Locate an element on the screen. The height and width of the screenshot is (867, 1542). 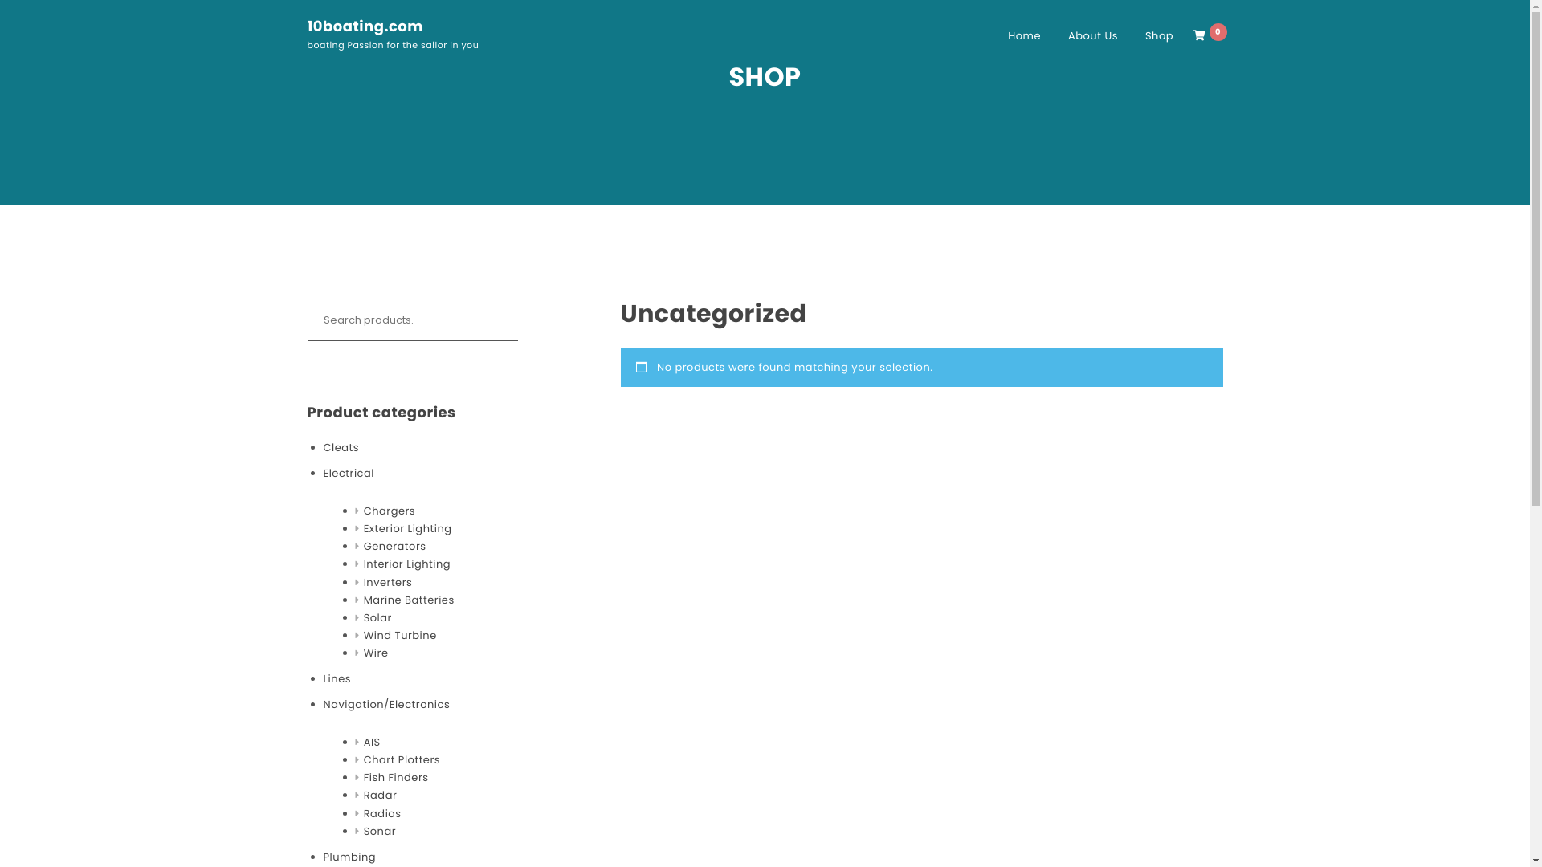
'Skip to content' is located at coordinates (0, 0).